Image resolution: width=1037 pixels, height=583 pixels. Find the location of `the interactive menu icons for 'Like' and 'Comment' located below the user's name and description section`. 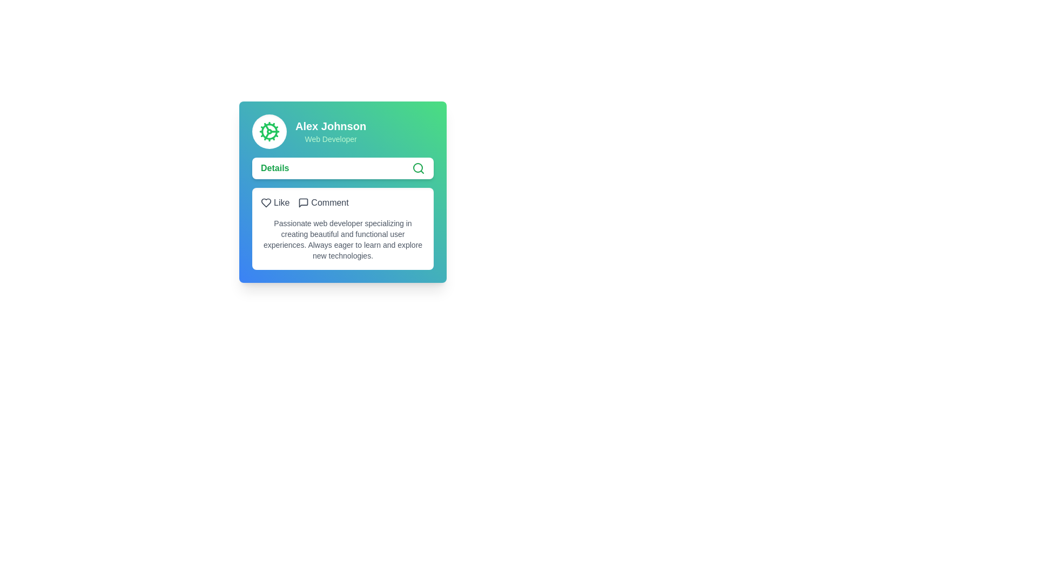

the interactive menu icons for 'Like' and 'Comment' located below the user's name and description section is located at coordinates (342, 202).